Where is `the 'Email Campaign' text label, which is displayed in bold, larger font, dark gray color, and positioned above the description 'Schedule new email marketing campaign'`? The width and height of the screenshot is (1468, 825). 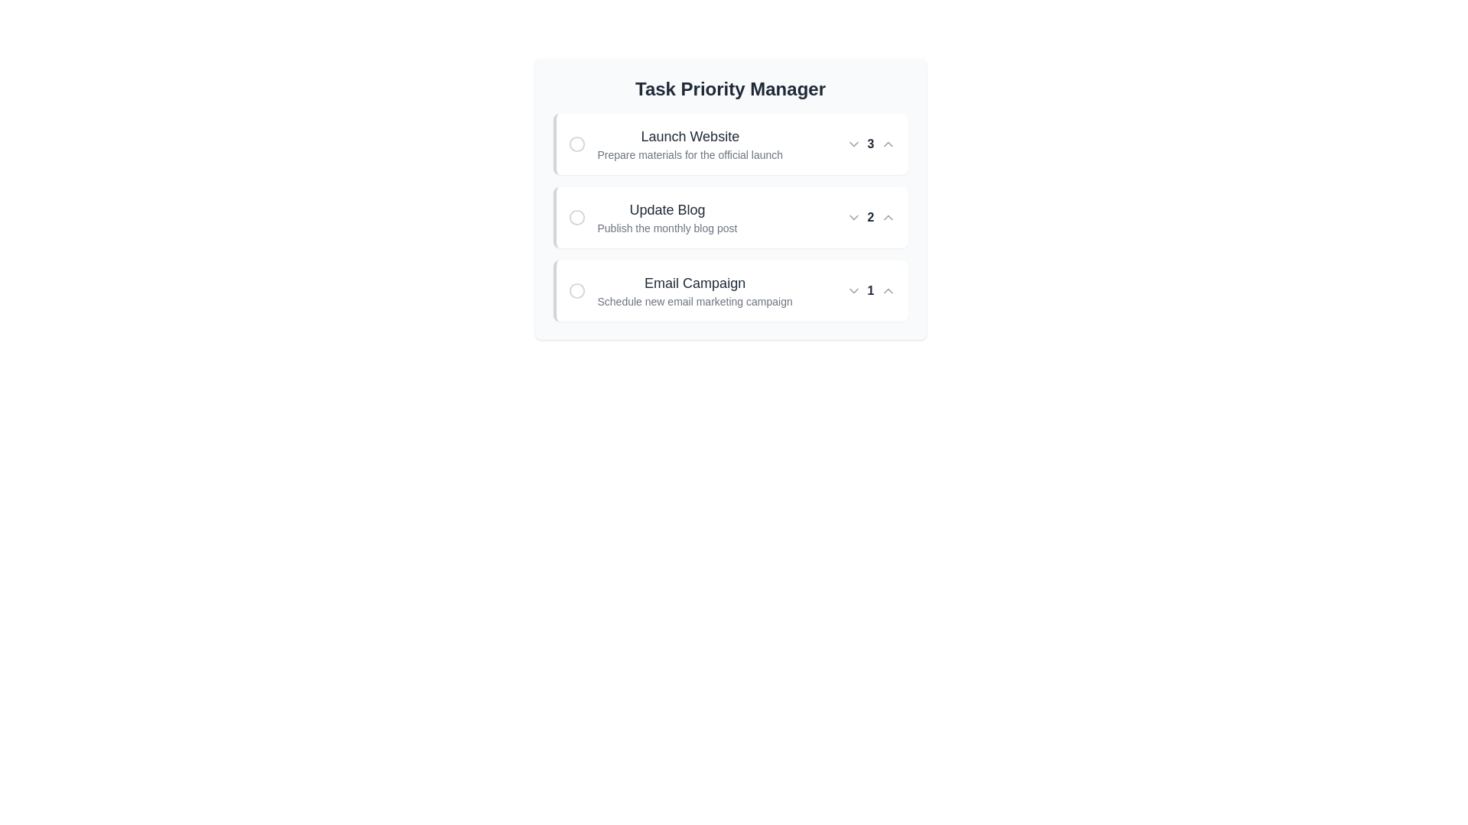
the 'Email Campaign' text label, which is displayed in bold, larger font, dark gray color, and positioned above the description 'Schedule new email marketing campaign' is located at coordinates (694, 283).